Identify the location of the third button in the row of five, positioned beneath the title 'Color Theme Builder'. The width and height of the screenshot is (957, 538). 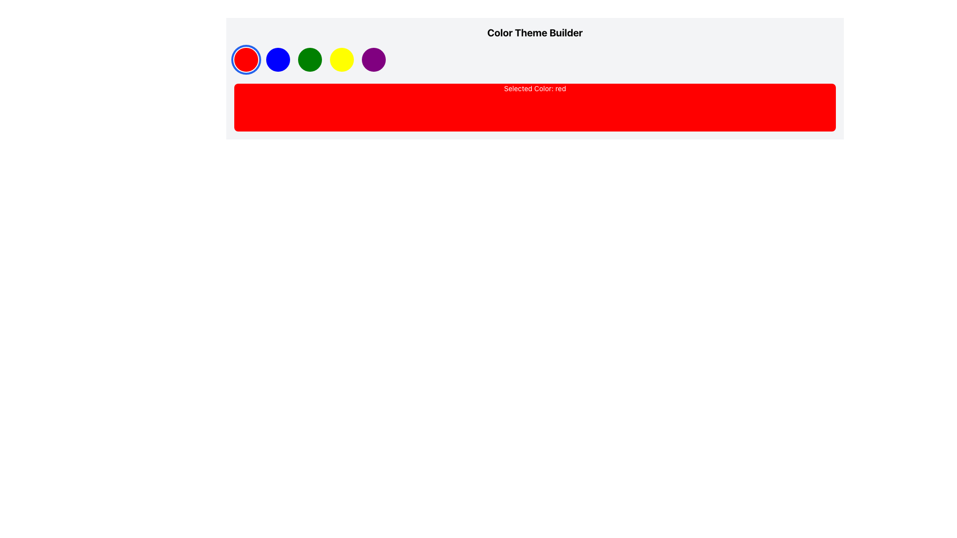
(310, 59).